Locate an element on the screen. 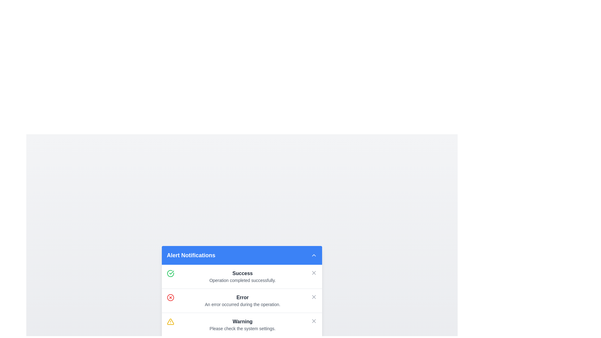 This screenshot has height=338, width=601. the green circular icon with a checkmark, located on the left side at the top of the notification list item labeled 'Success' is located at coordinates (171, 273).